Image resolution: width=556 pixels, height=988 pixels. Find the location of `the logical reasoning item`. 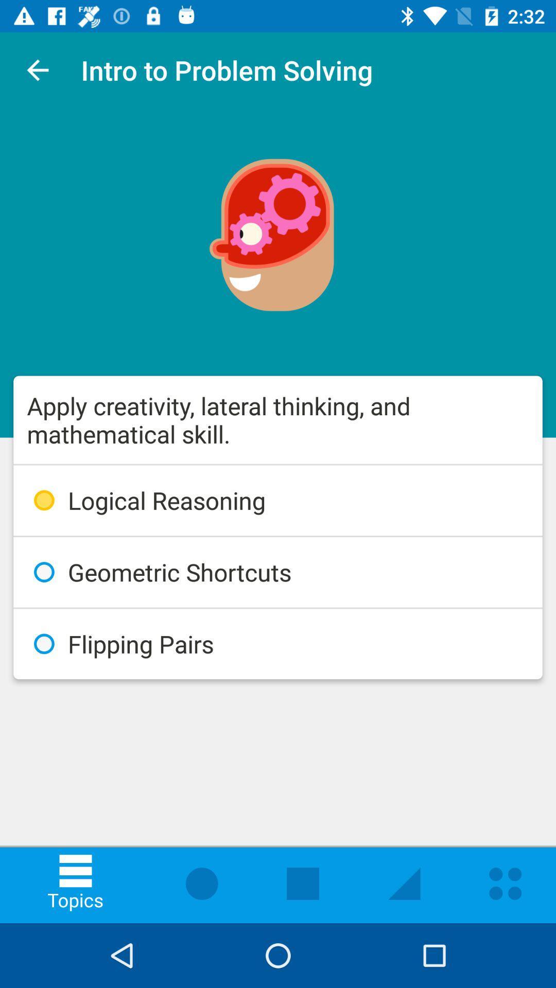

the logical reasoning item is located at coordinates (278, 500).